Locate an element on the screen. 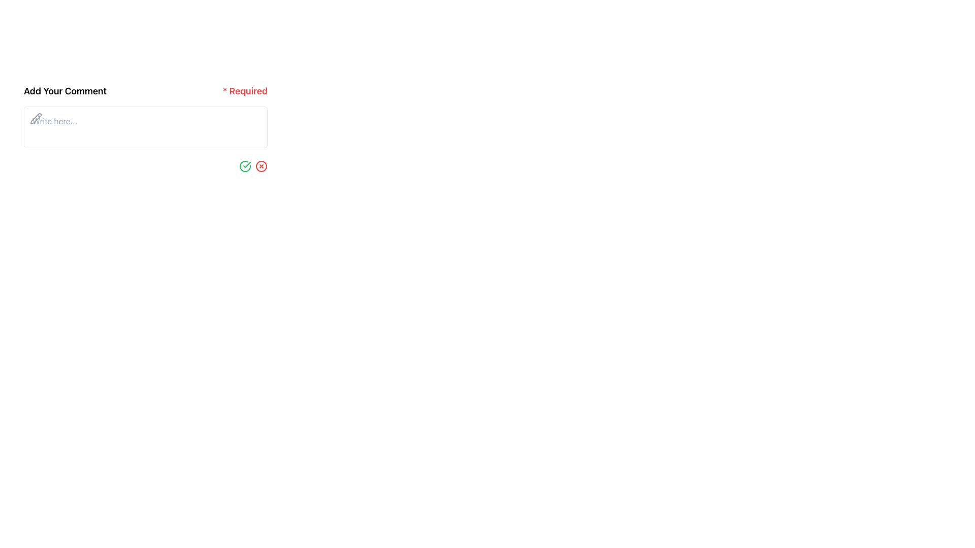 This screenshot has height=548, width=975. the text label '* Required' styled in bold red font, which is located to the right of the heading 'Add Your Comment' within the header section of the input field is located at coordinates (245, 91).